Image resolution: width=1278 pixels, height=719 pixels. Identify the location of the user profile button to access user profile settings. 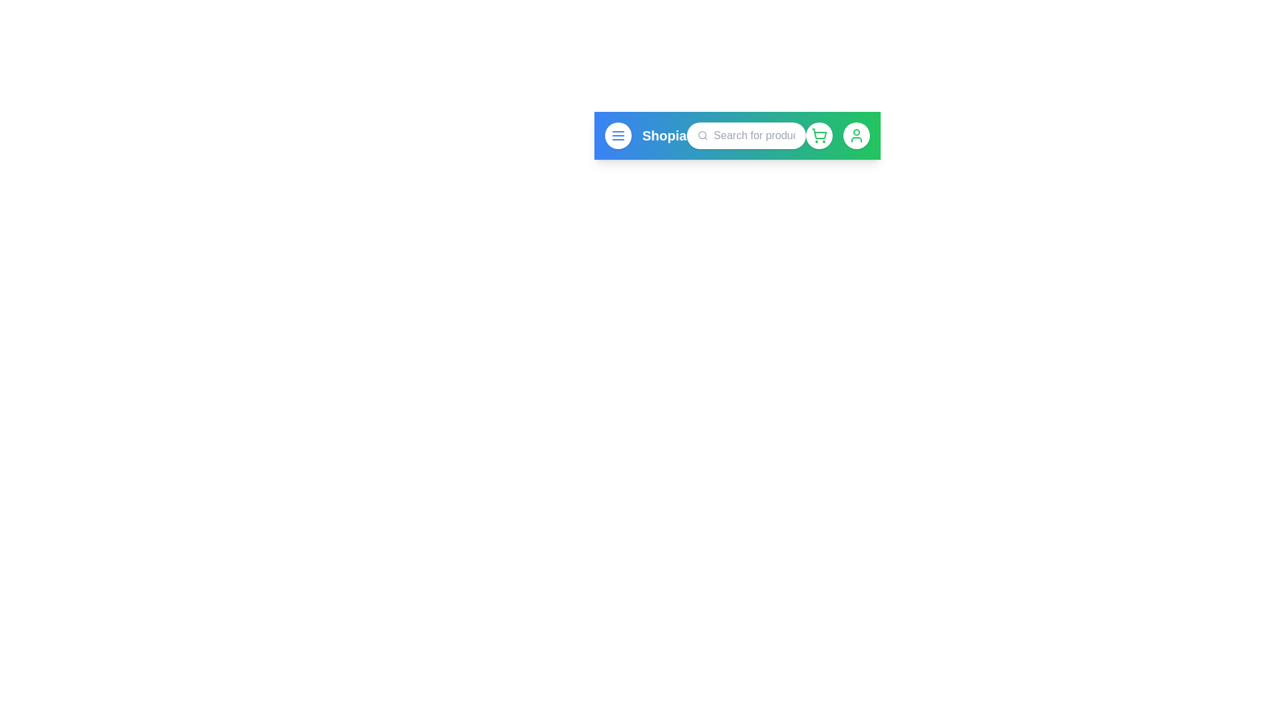
(856, 136).